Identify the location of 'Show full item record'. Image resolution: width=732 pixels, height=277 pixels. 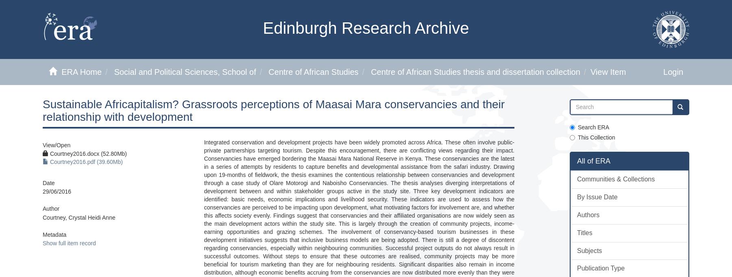
(42, 243).